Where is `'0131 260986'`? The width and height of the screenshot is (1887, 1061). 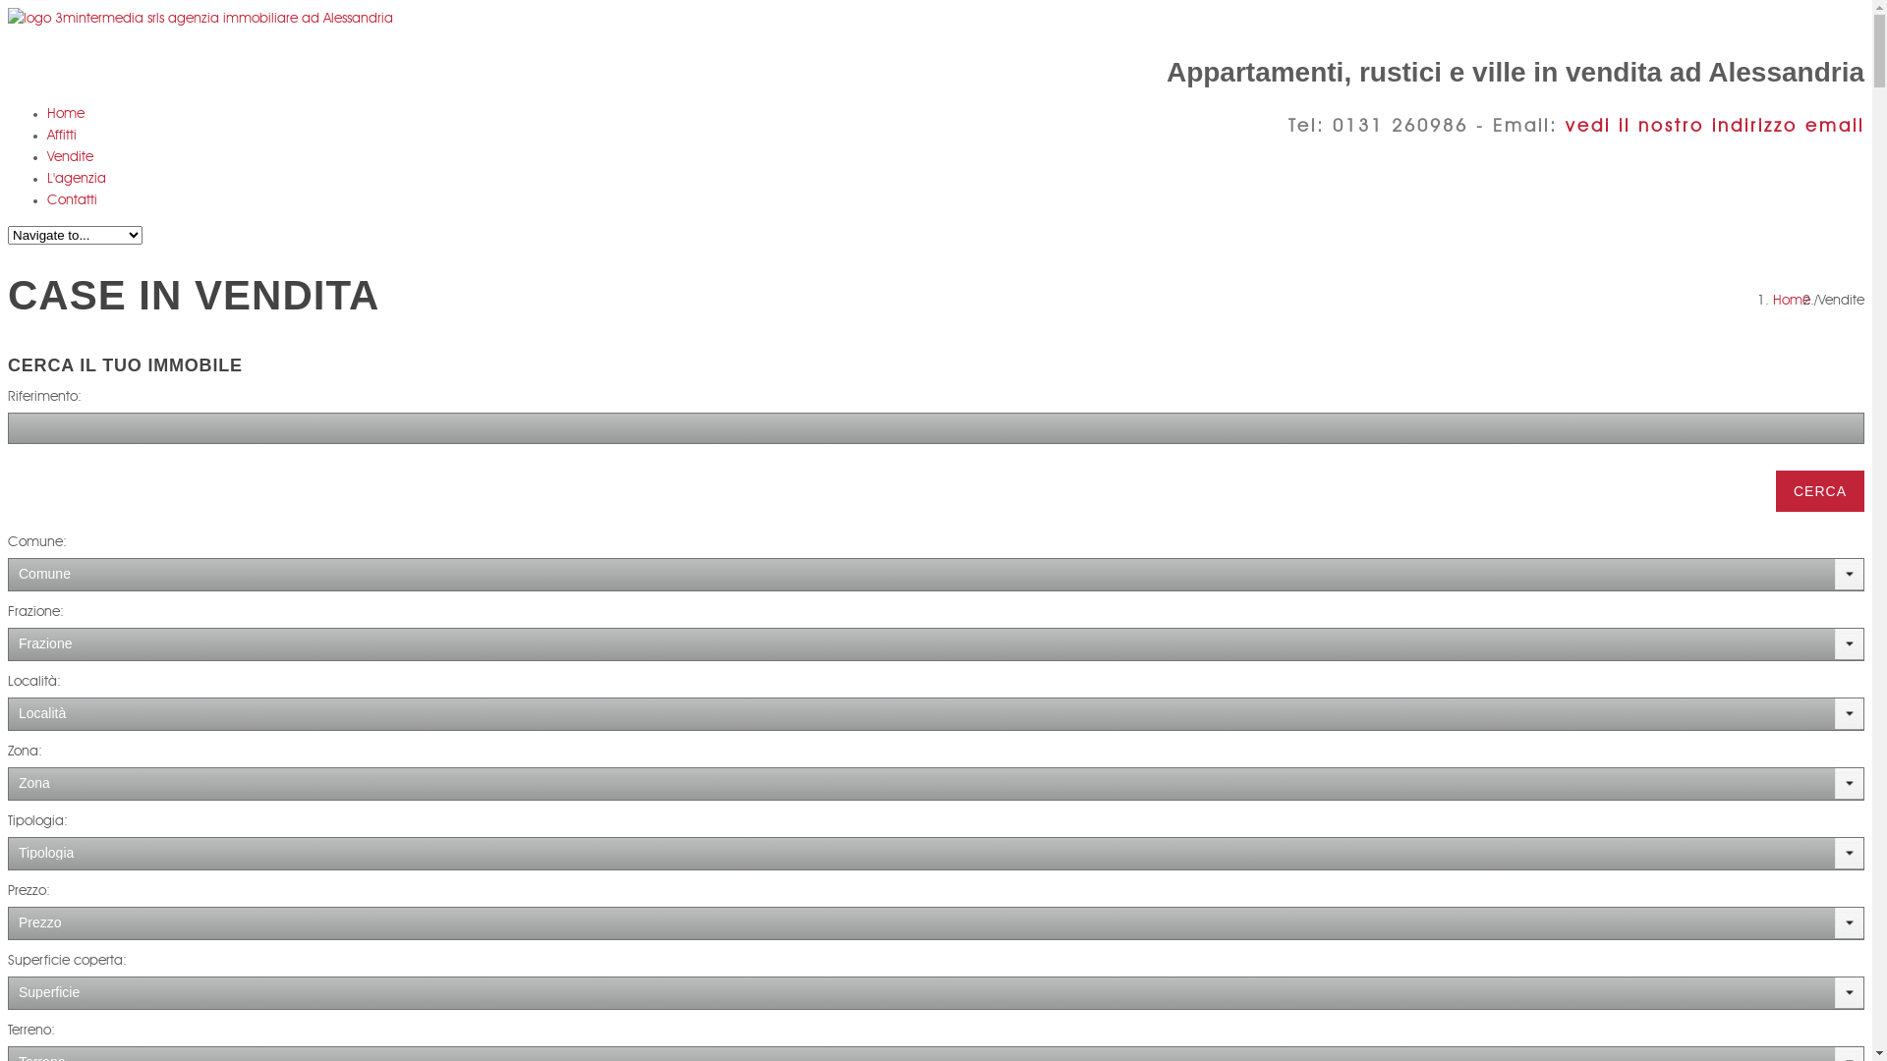 '0131 260986' is located at coordinates (1400, 126).